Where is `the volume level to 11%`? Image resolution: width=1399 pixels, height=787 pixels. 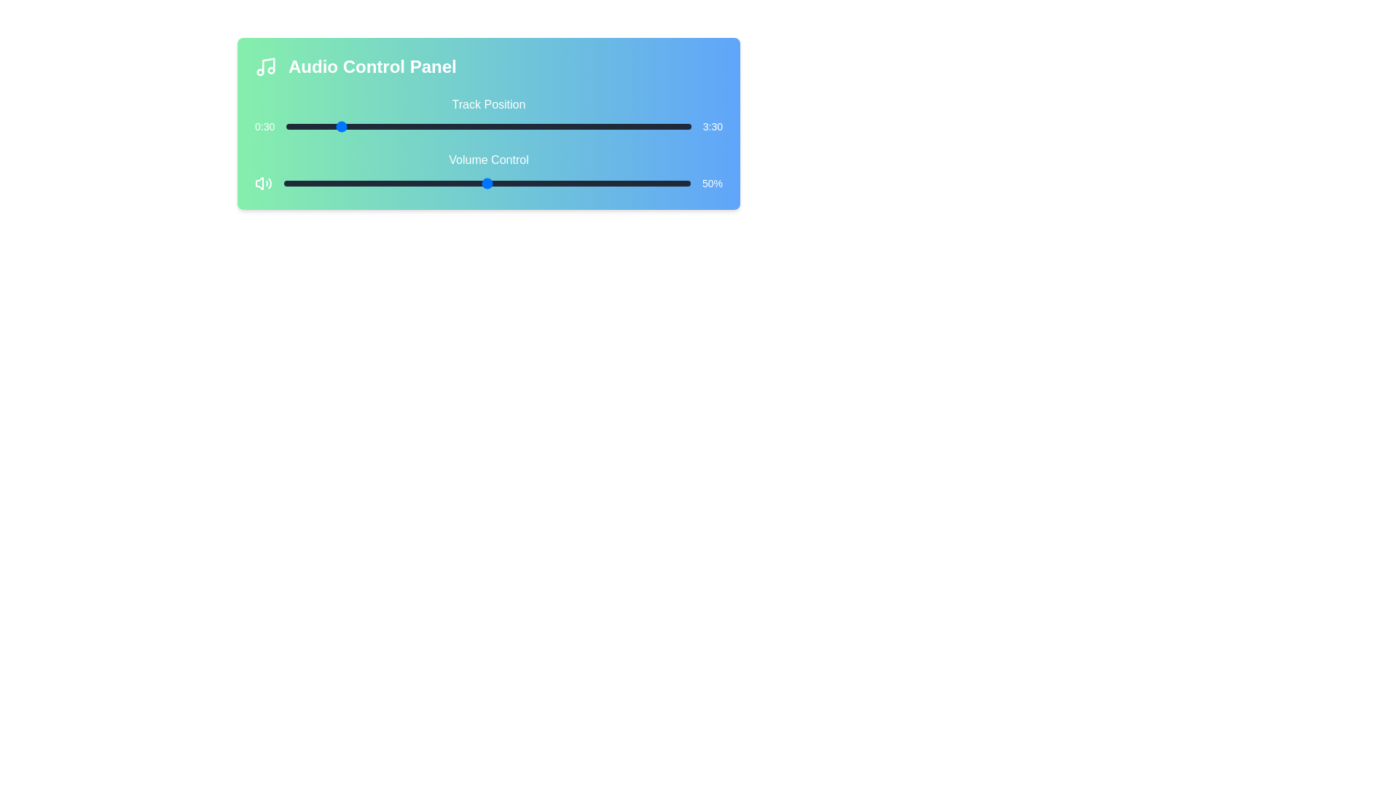 the volume level to 11% is located at coordinates (328, 182).